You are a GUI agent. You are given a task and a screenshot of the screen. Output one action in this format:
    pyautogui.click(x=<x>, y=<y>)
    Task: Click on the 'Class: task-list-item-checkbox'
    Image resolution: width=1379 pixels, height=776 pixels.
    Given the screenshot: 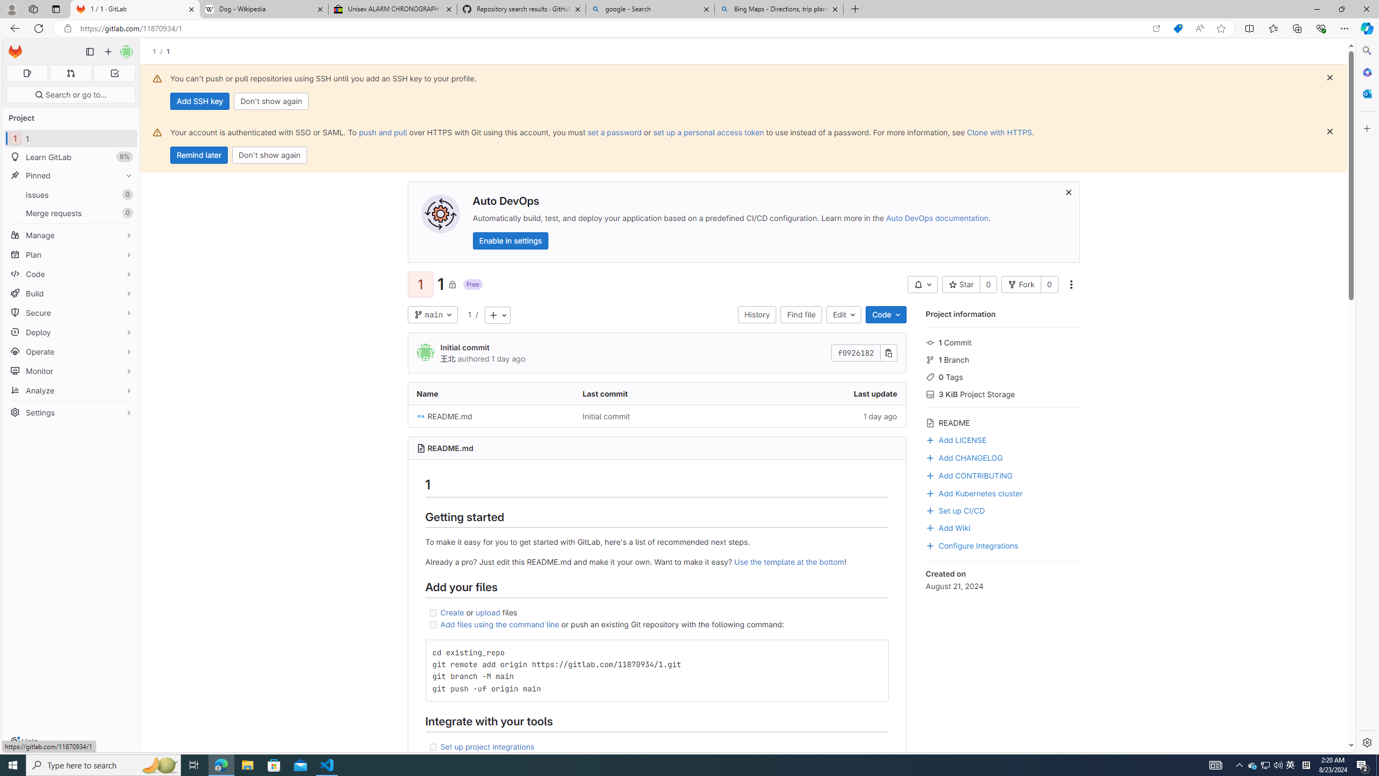 What is the action you would take?
    pyautogui.click(x=433, y=747)
    